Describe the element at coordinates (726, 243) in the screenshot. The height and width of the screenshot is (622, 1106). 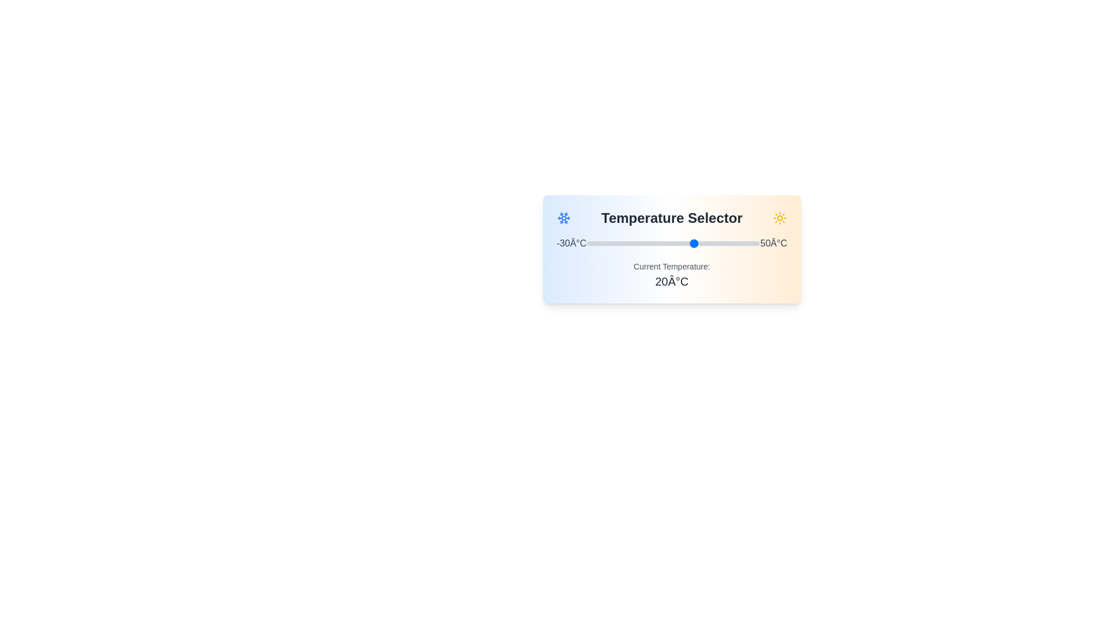
I see `the temperature` at that location.